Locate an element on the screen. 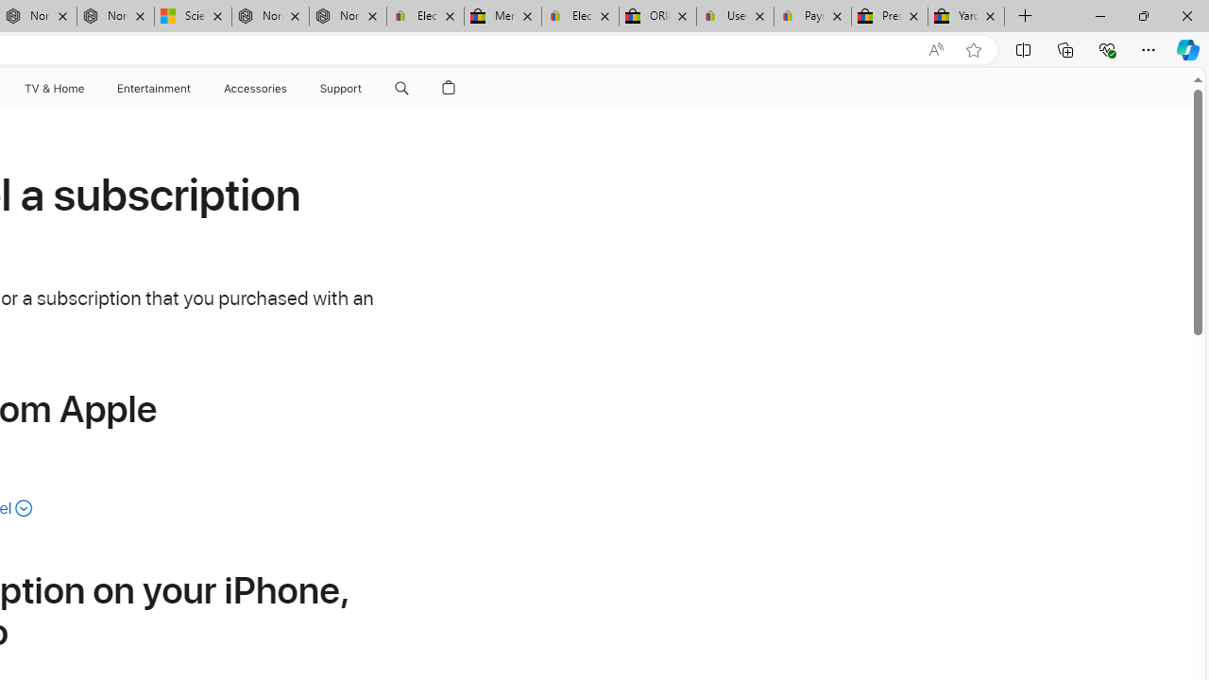  'Support' is located at coordinates (341, 88).